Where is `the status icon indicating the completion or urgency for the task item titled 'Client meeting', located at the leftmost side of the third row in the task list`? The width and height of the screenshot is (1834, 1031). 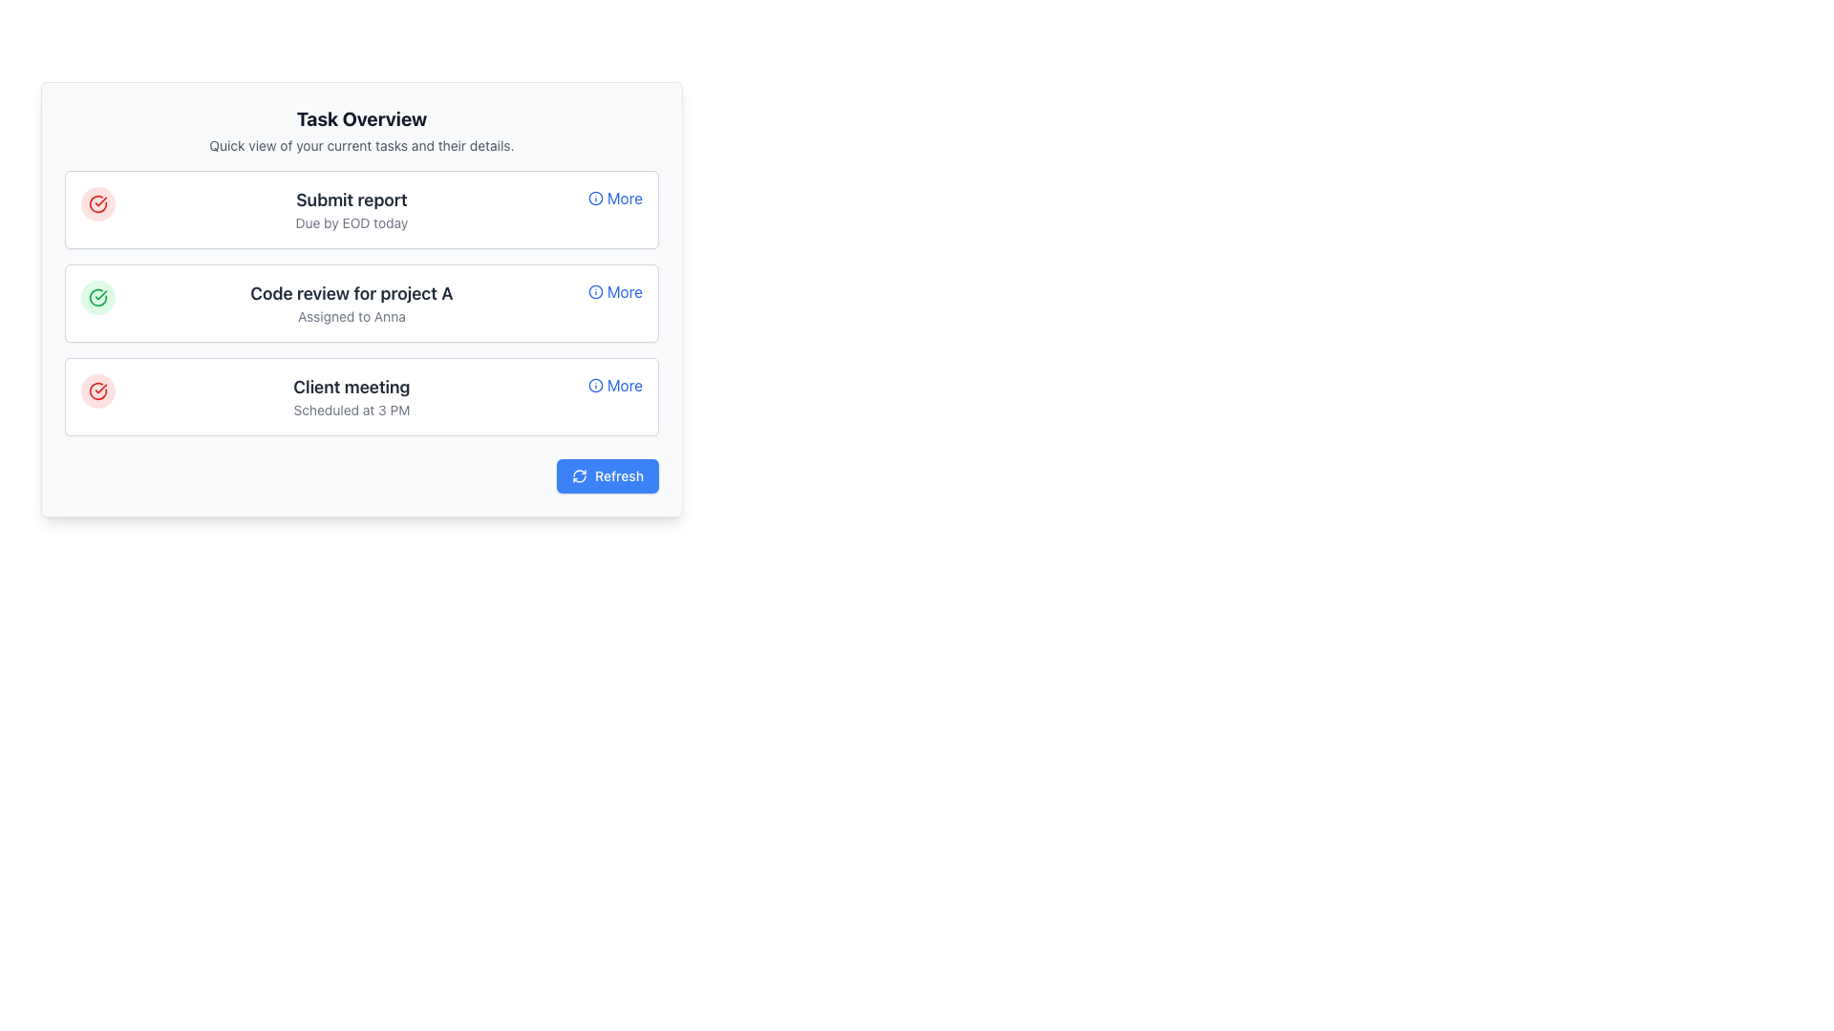 the status icon indicating the completion or urgency for the task item titled 'Client meeting', located at the leftmost side of the third row in the task list is located at coordinates (96, 389).